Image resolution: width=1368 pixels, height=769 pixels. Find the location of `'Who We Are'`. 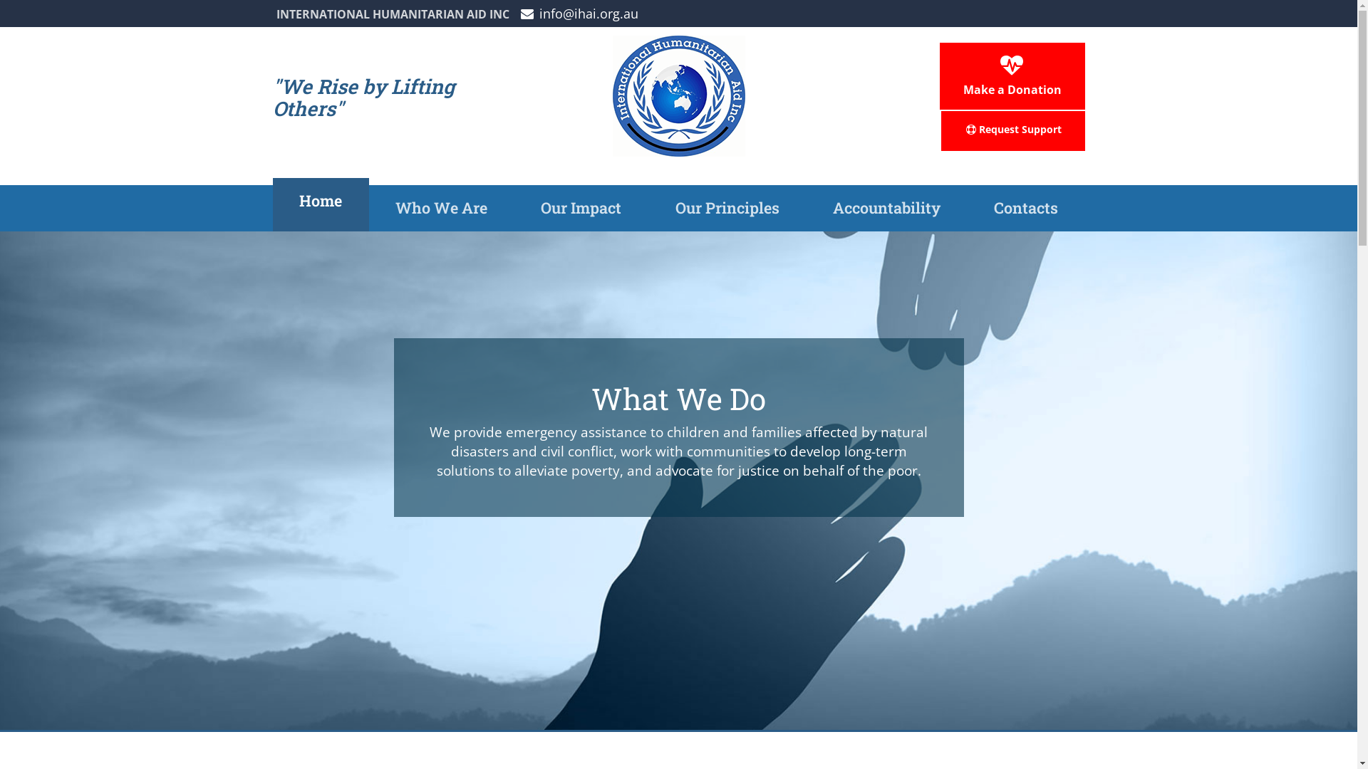

'Who We Are' is located at coordinates (120, 122).